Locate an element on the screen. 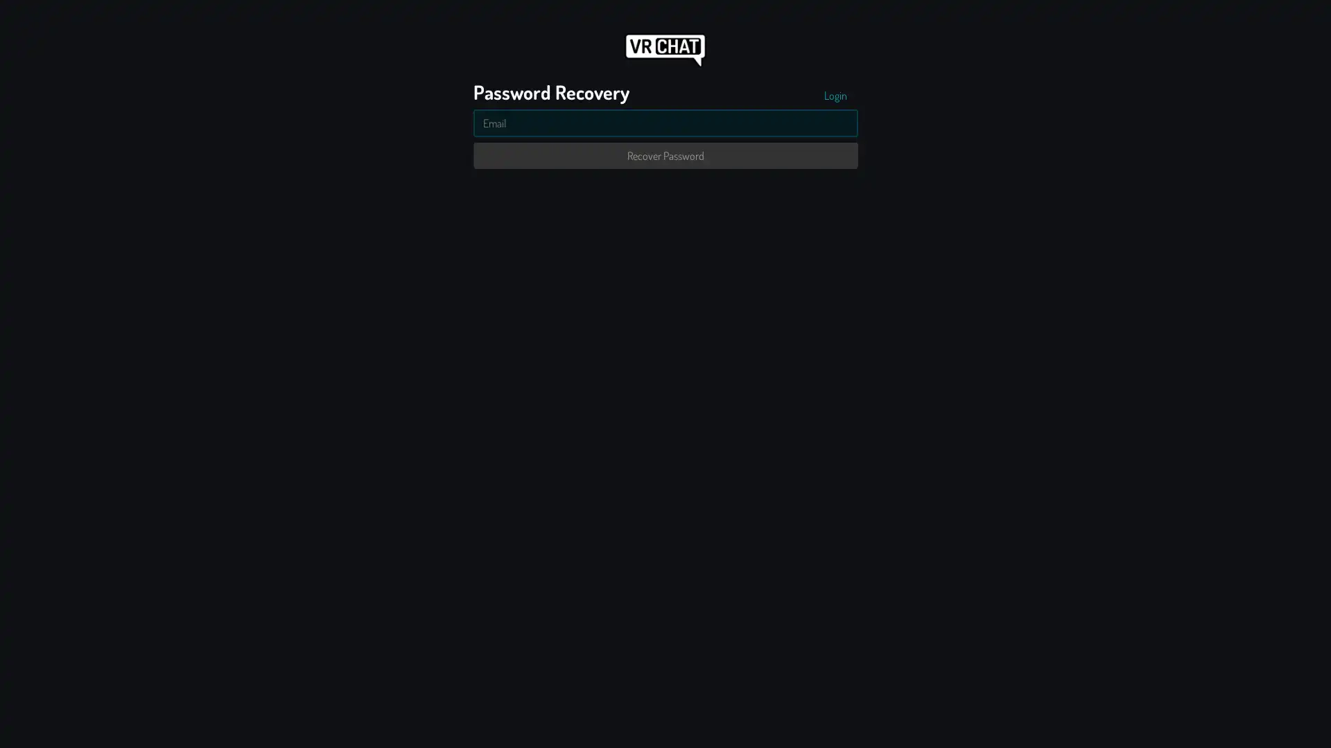 Image resolution: width=1331 pixels, height=748 pixels. Recover Password is located at coordinates (664, 155).